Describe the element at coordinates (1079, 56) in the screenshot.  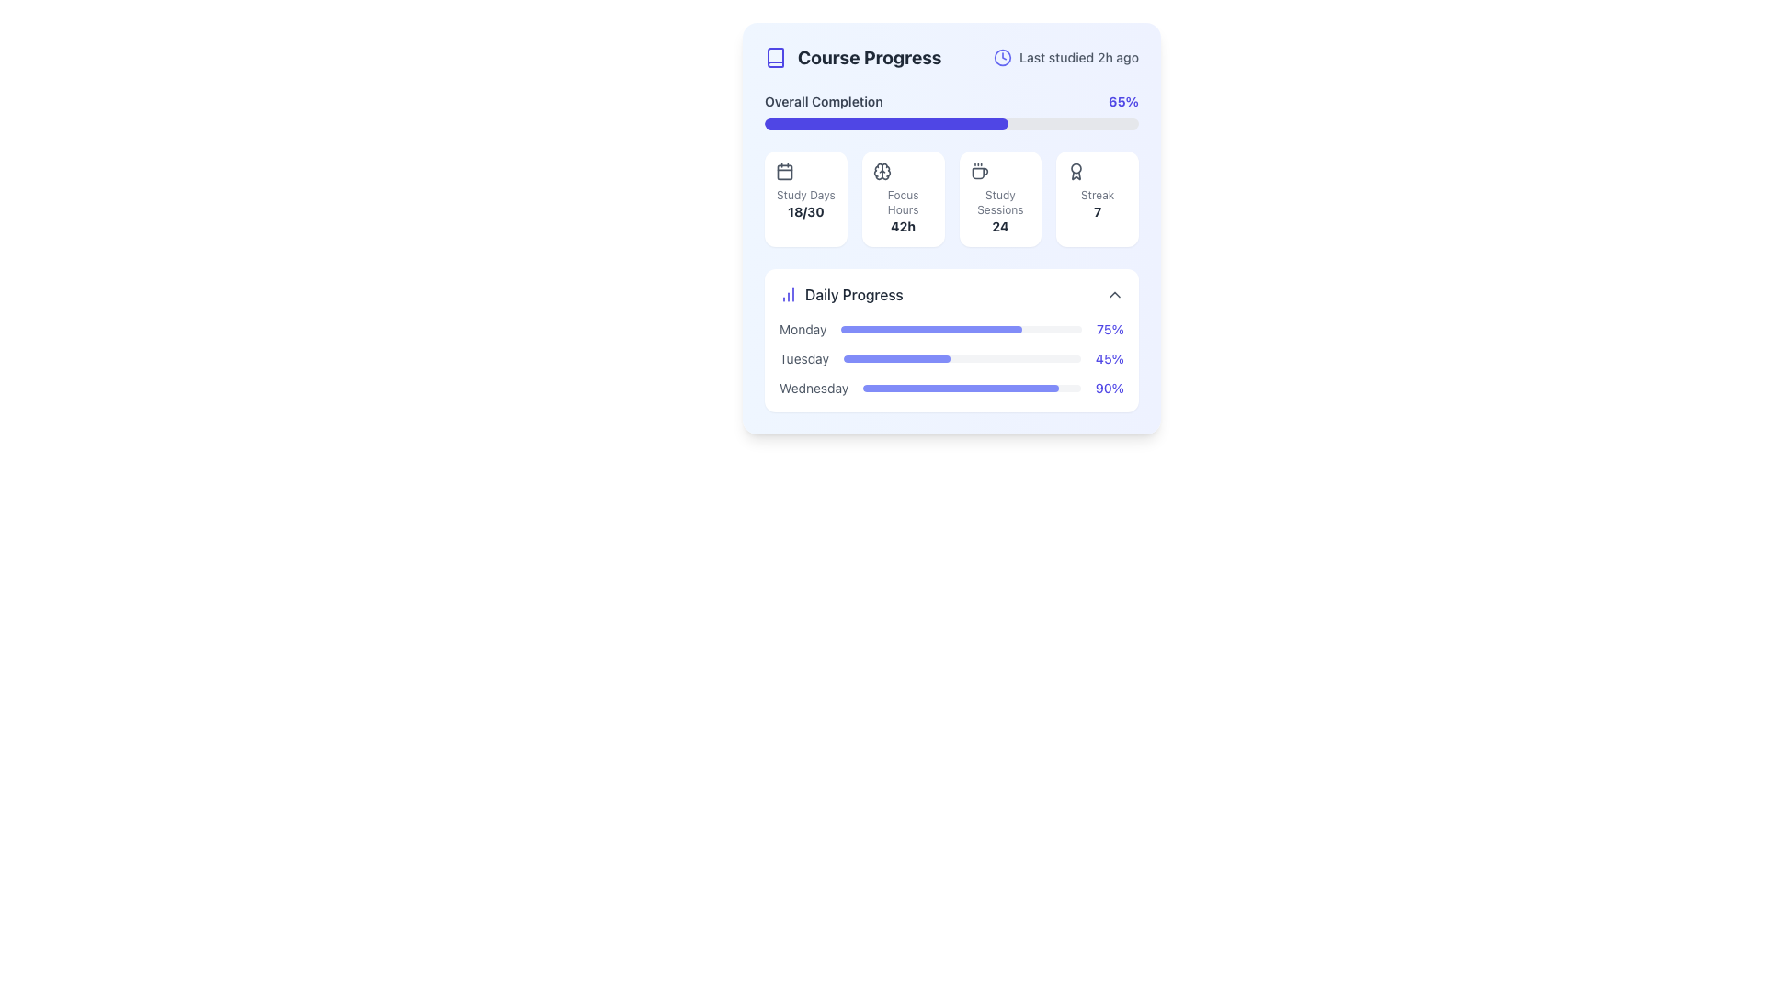
I see `the text label displaying 'Last studied 2h ago', which is styled with a small, medium-weight font and gray color, located to the right of a clock icon in the top-right of the 'Course Progress' card` at that location.